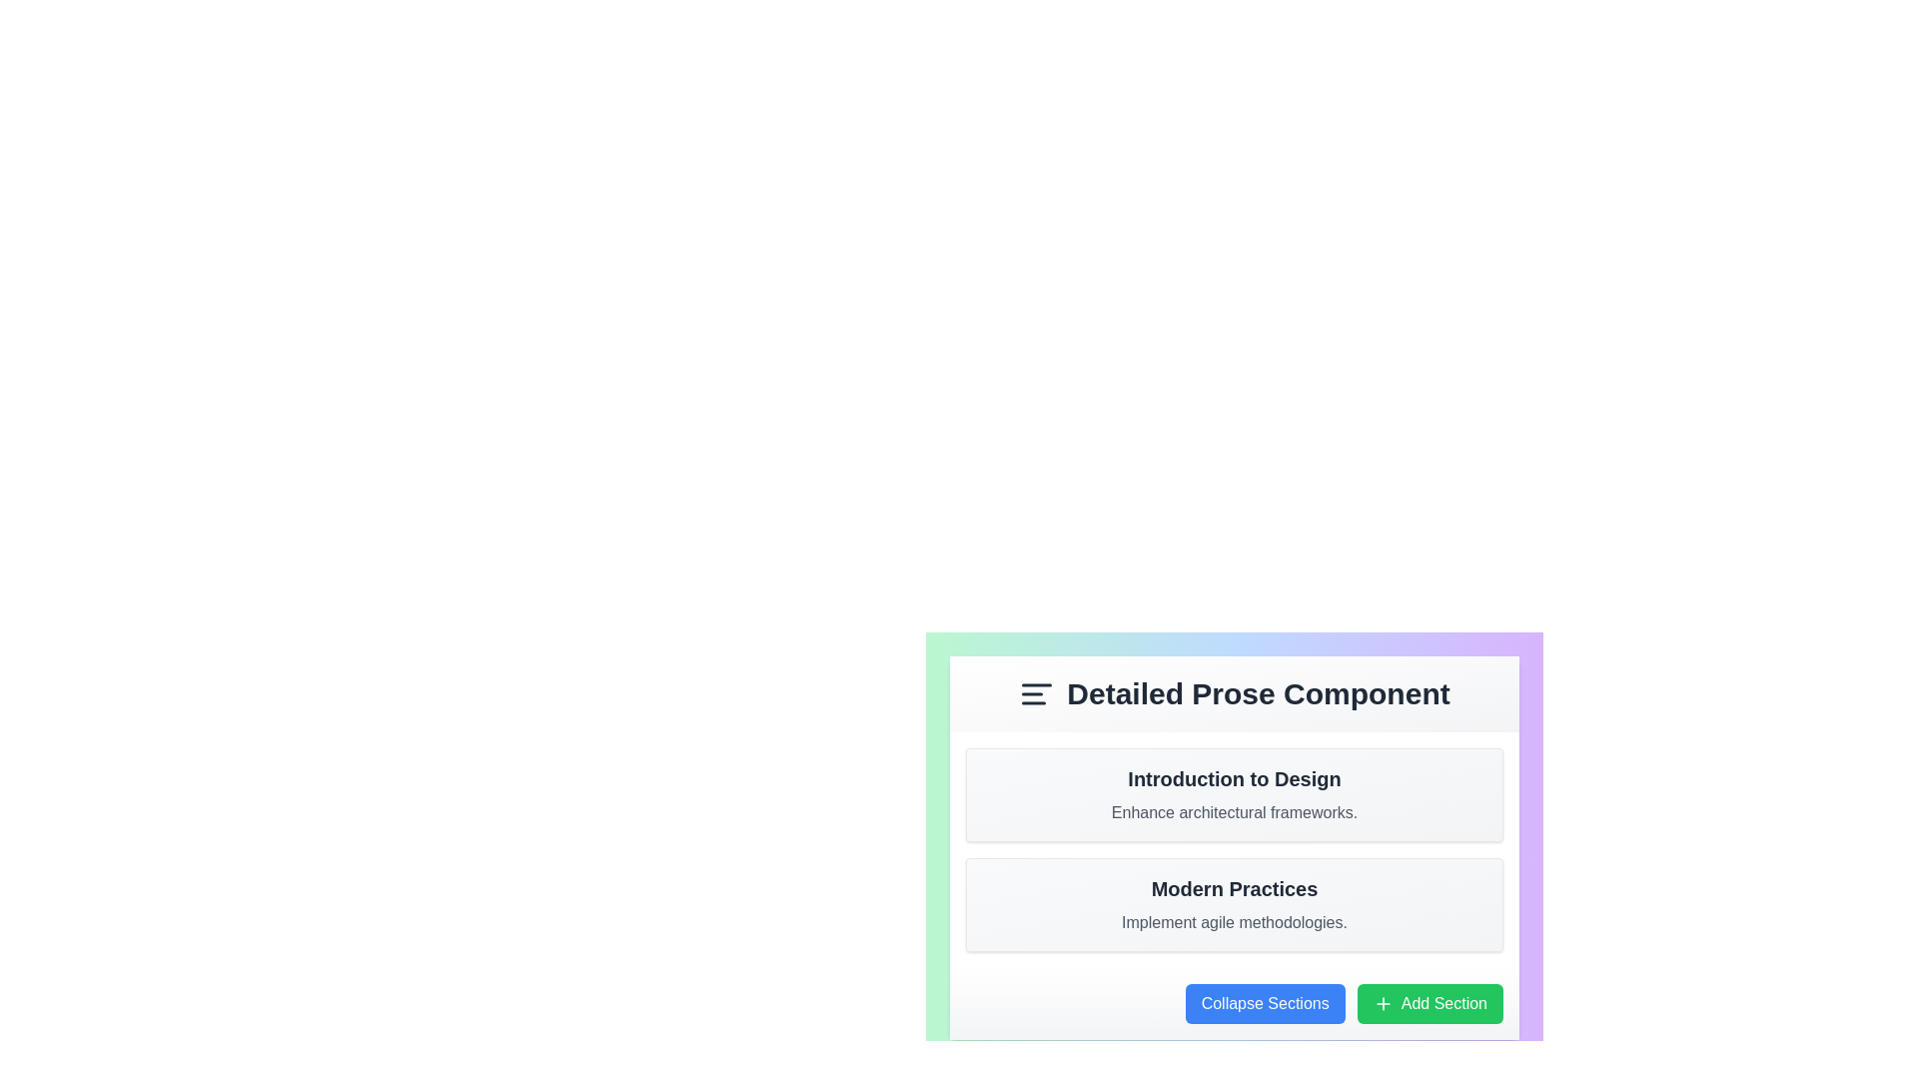 The height and width of the screenshot is (1079, 1918). What do you see at coordinates (1382, 1004) in the screenshot?
I see `the icon that represents the action of adding a new section, located near the left edge of the green button labeled 'Add Section' at the bottom of the UI layout` at bounding box center [1382, 1004].